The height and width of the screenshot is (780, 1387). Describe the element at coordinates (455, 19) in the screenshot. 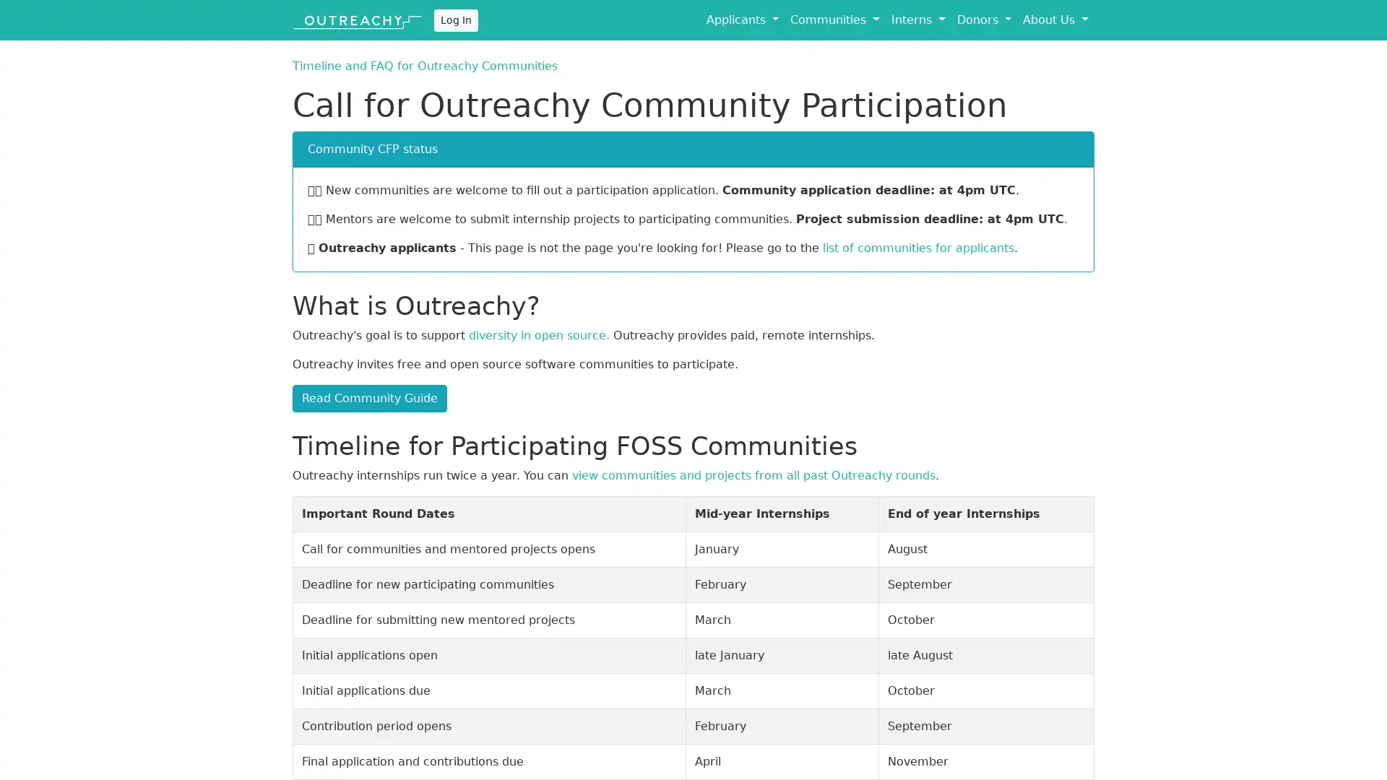

I see `Log In` at that location.